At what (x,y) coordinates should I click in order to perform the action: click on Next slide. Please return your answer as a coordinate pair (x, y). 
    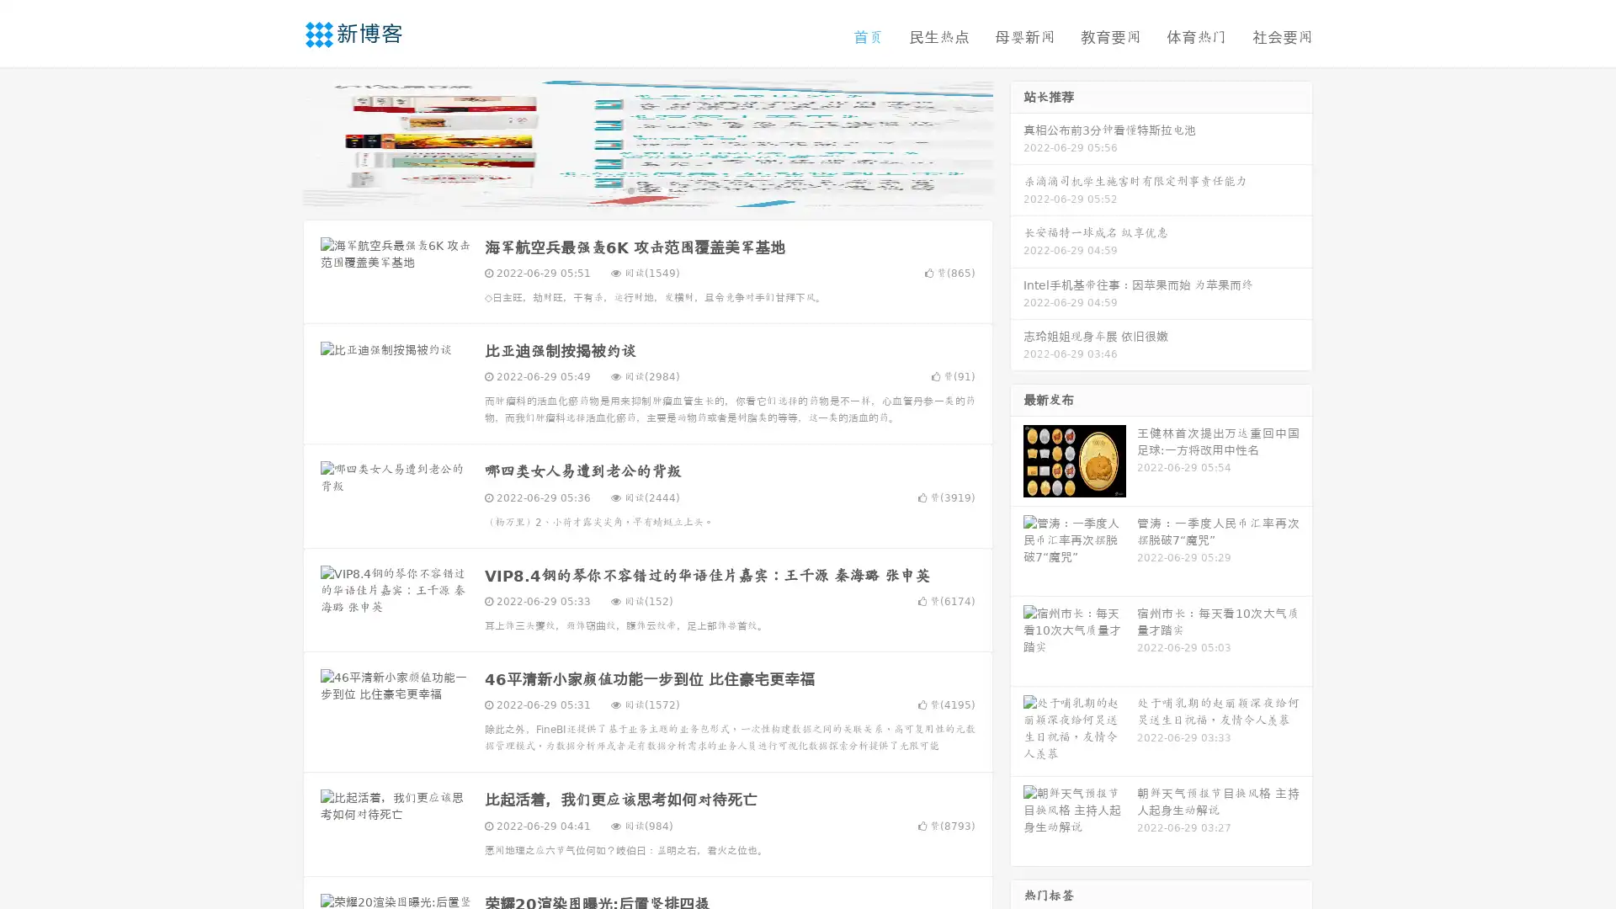
    Looking at the image, I should click on (1017, 141).